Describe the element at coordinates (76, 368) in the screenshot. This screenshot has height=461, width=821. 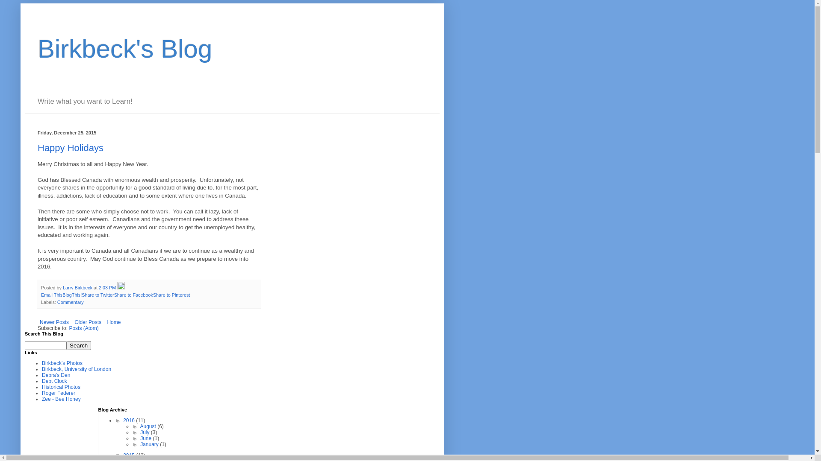
I see `'Birkbeck, University of London'` at that location.